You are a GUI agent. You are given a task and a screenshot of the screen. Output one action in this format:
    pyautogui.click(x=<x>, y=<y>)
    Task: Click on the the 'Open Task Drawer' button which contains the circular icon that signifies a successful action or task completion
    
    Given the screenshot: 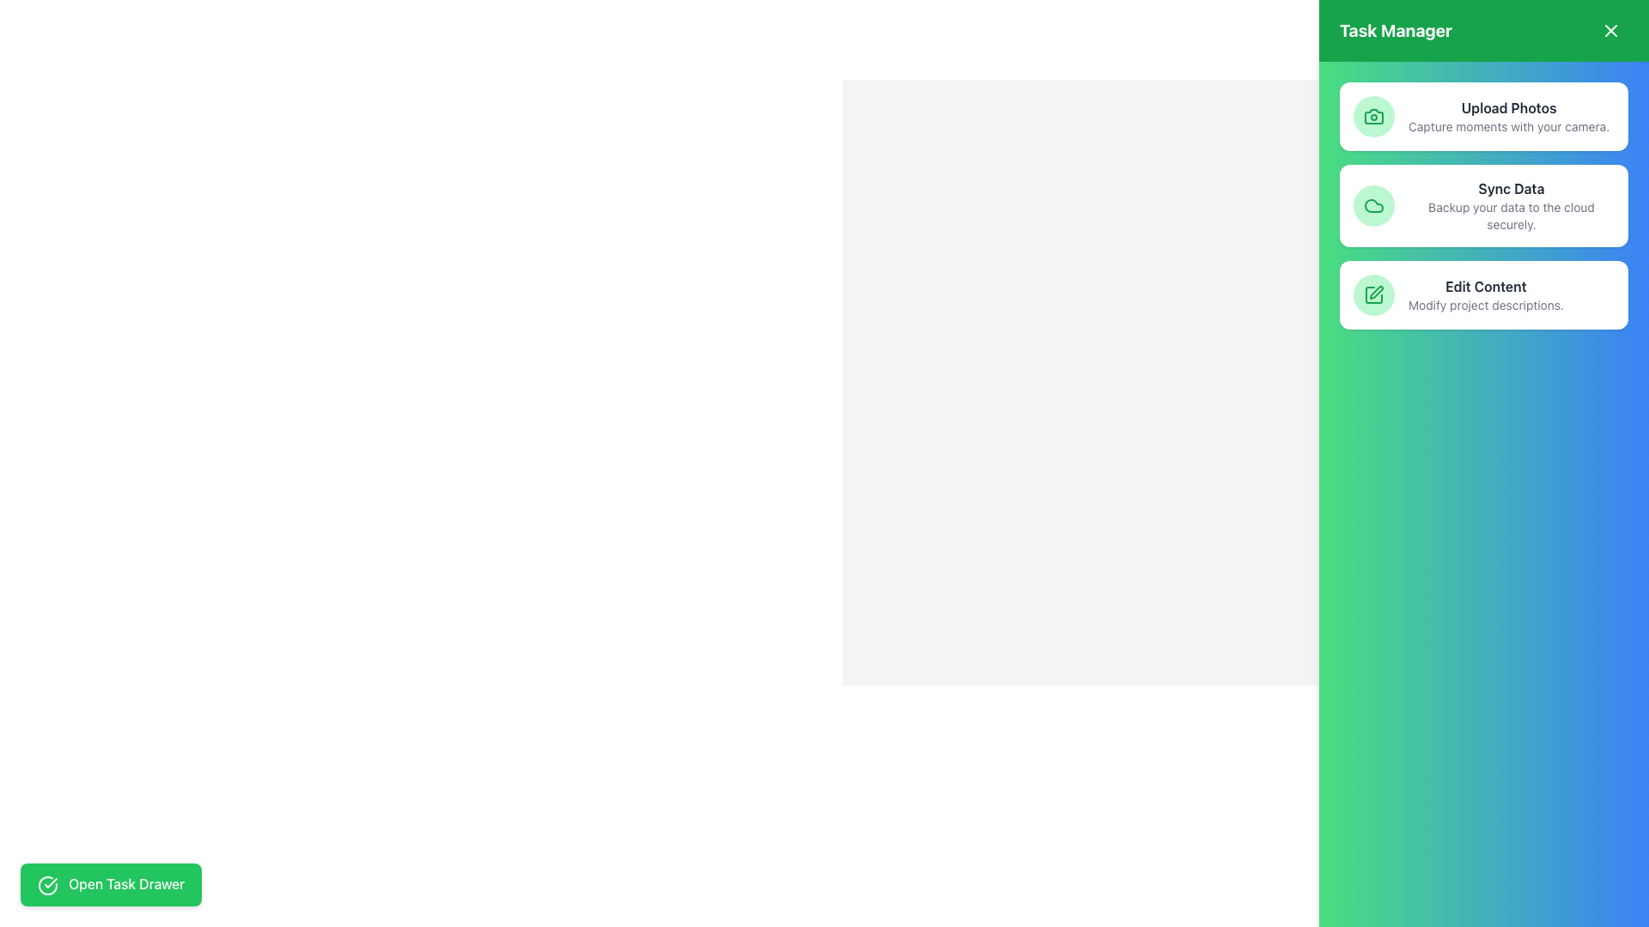 What is the action you would take?
    pyautogui.click(x=51, y=883)
    